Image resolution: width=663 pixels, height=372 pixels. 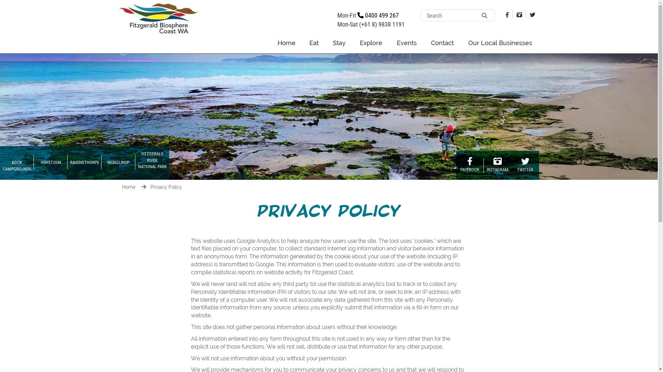 I want to click on 'FACEBOOK', so click(x=456, y=165).